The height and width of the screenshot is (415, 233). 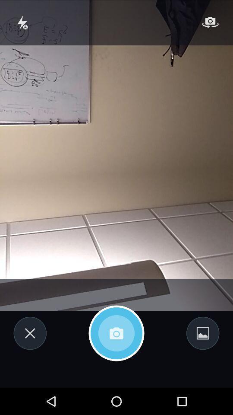 What do you see at coordinates (210, 24) in the screenshot?
I see `the swap icon` at bounding box center [210, 24].